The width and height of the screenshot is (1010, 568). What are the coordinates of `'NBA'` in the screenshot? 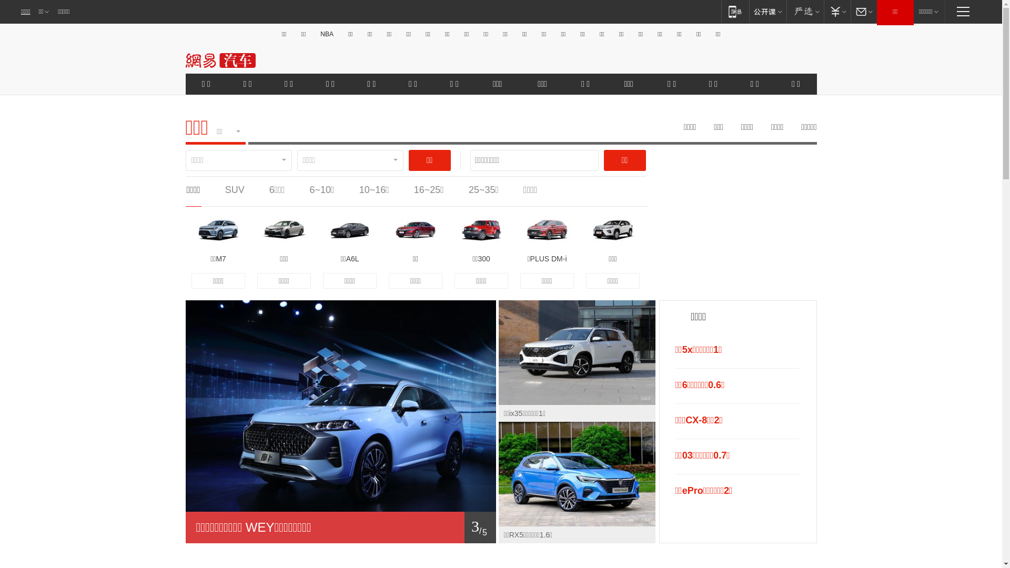 It's located at (326, 34).